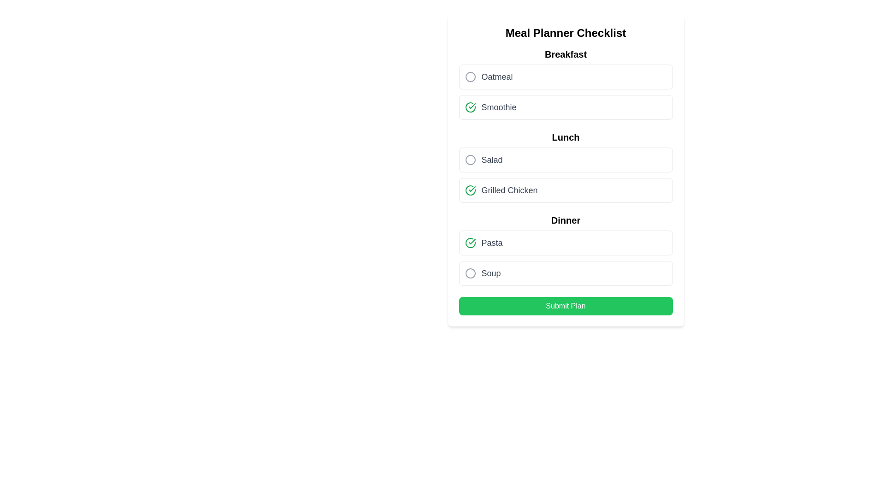 The image size is (885, 498). Describe the element at coordinates (565, 175) in the screenshot. I see `to reorder the 'Salad' option in the selectable list item group, which is located in the 'Lunch' section of the UI` at that location.